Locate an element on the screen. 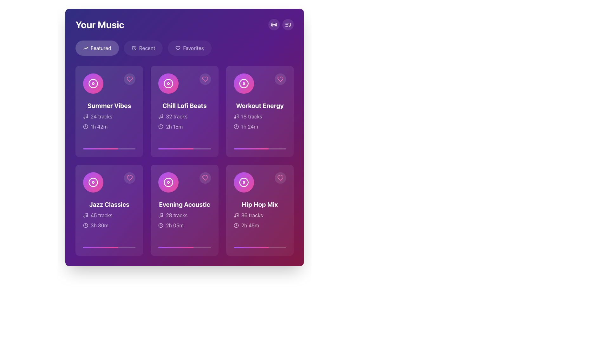 The width and height of the screenshot is (609, 342). the icon located in the upper-left region of the 'Evening Acoustic' card is located at coordinates (168, 182).